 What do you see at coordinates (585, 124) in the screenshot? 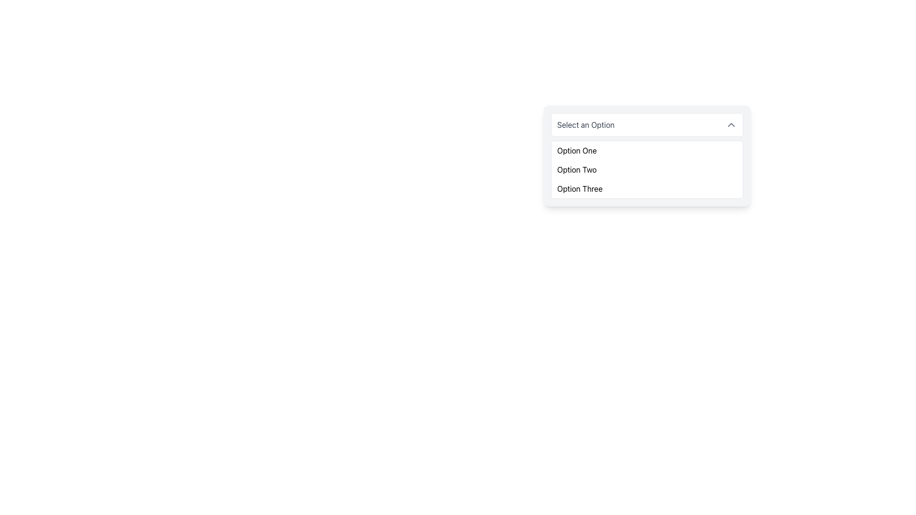
I see `the static text label that indicates the current state of the dropdown menu, positioned to the left of the chevron-down icon` at bounding box center [585, 124].